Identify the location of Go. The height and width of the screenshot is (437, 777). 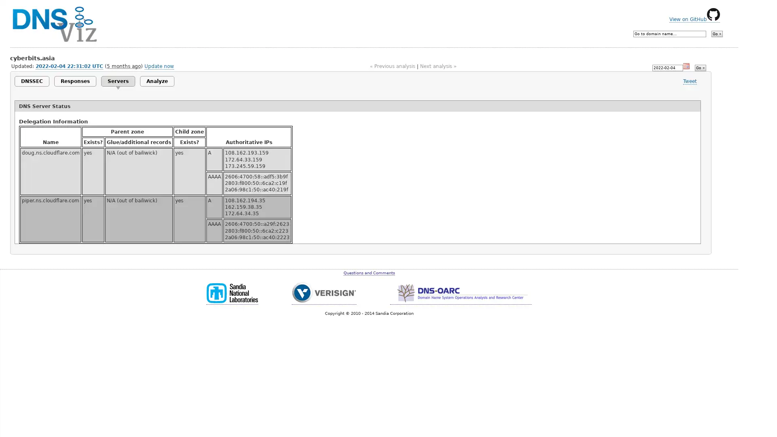
(717, 34).